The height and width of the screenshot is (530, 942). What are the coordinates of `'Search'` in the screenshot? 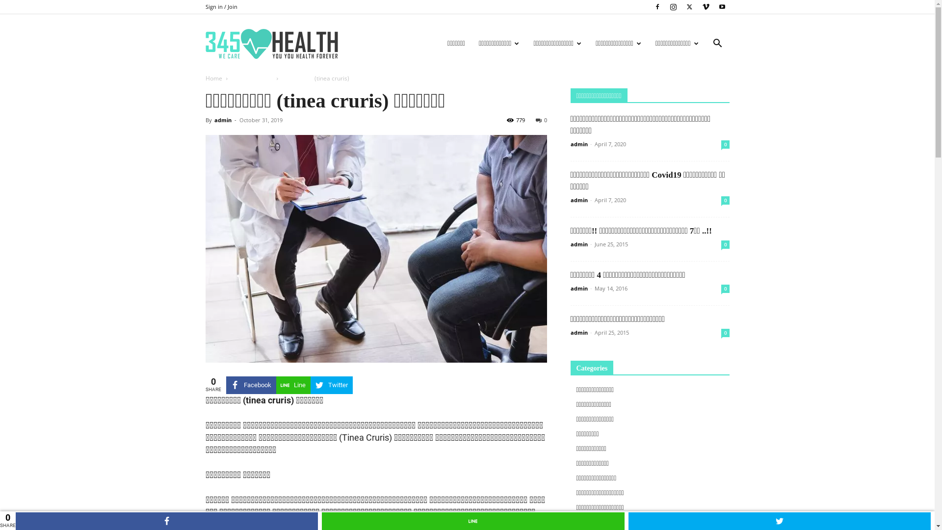 It's located at (702, 91).